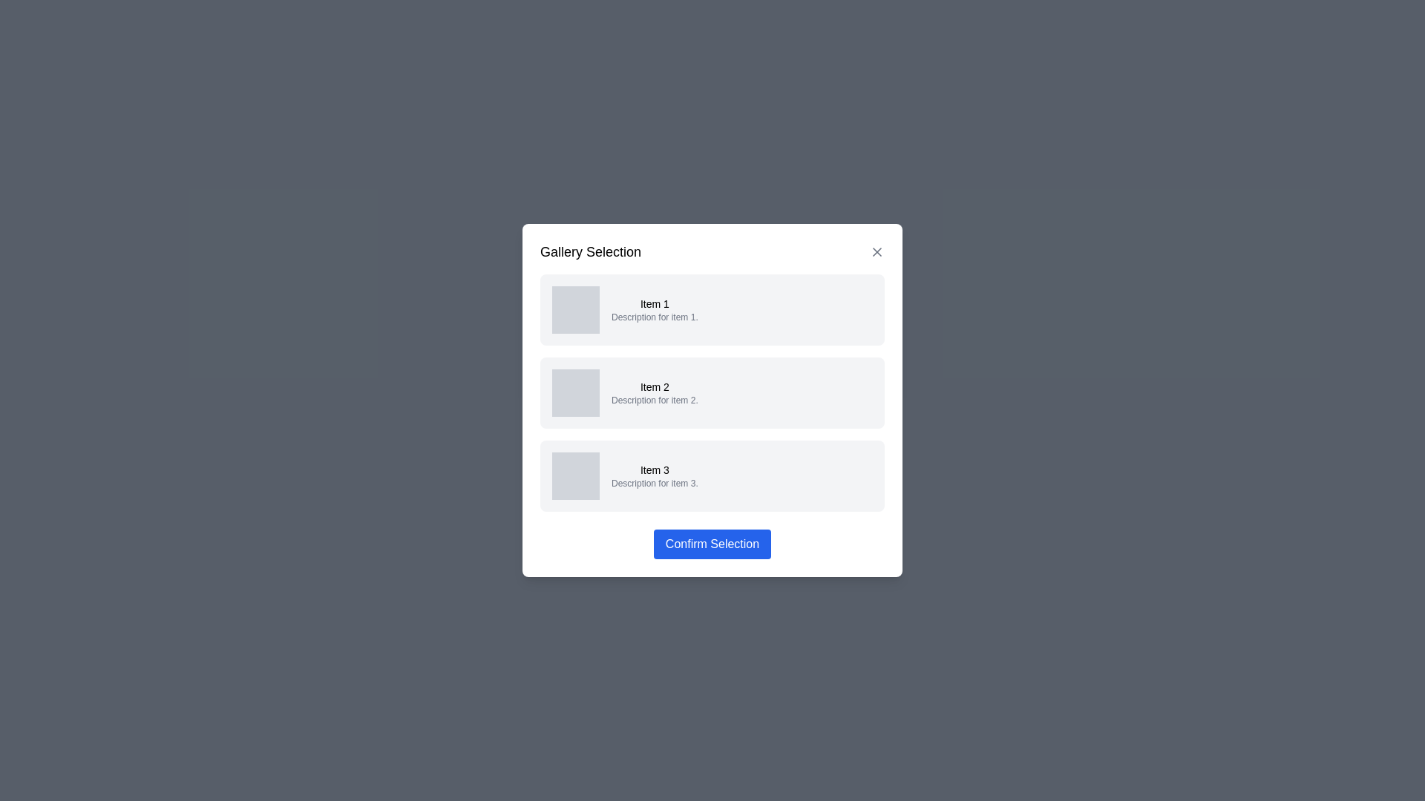 The height and width of the screenshot is (801, 1425). Describe the element at coordinates (654, 483) in the screenshot. I see `the static text label providing additional information about 'Item 3', located directly below the bolded text 'Item 3.'` at that location.